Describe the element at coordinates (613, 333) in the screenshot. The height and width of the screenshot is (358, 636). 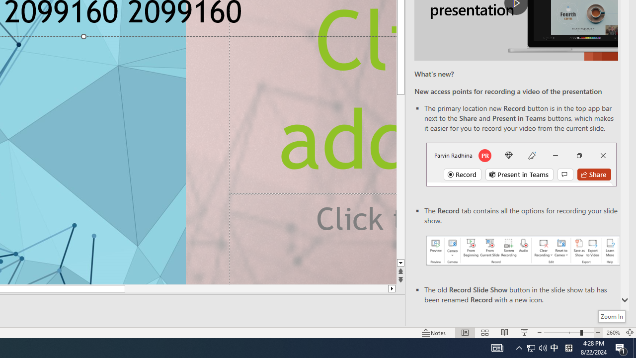
I see `'Zoom 260%'` at that location.